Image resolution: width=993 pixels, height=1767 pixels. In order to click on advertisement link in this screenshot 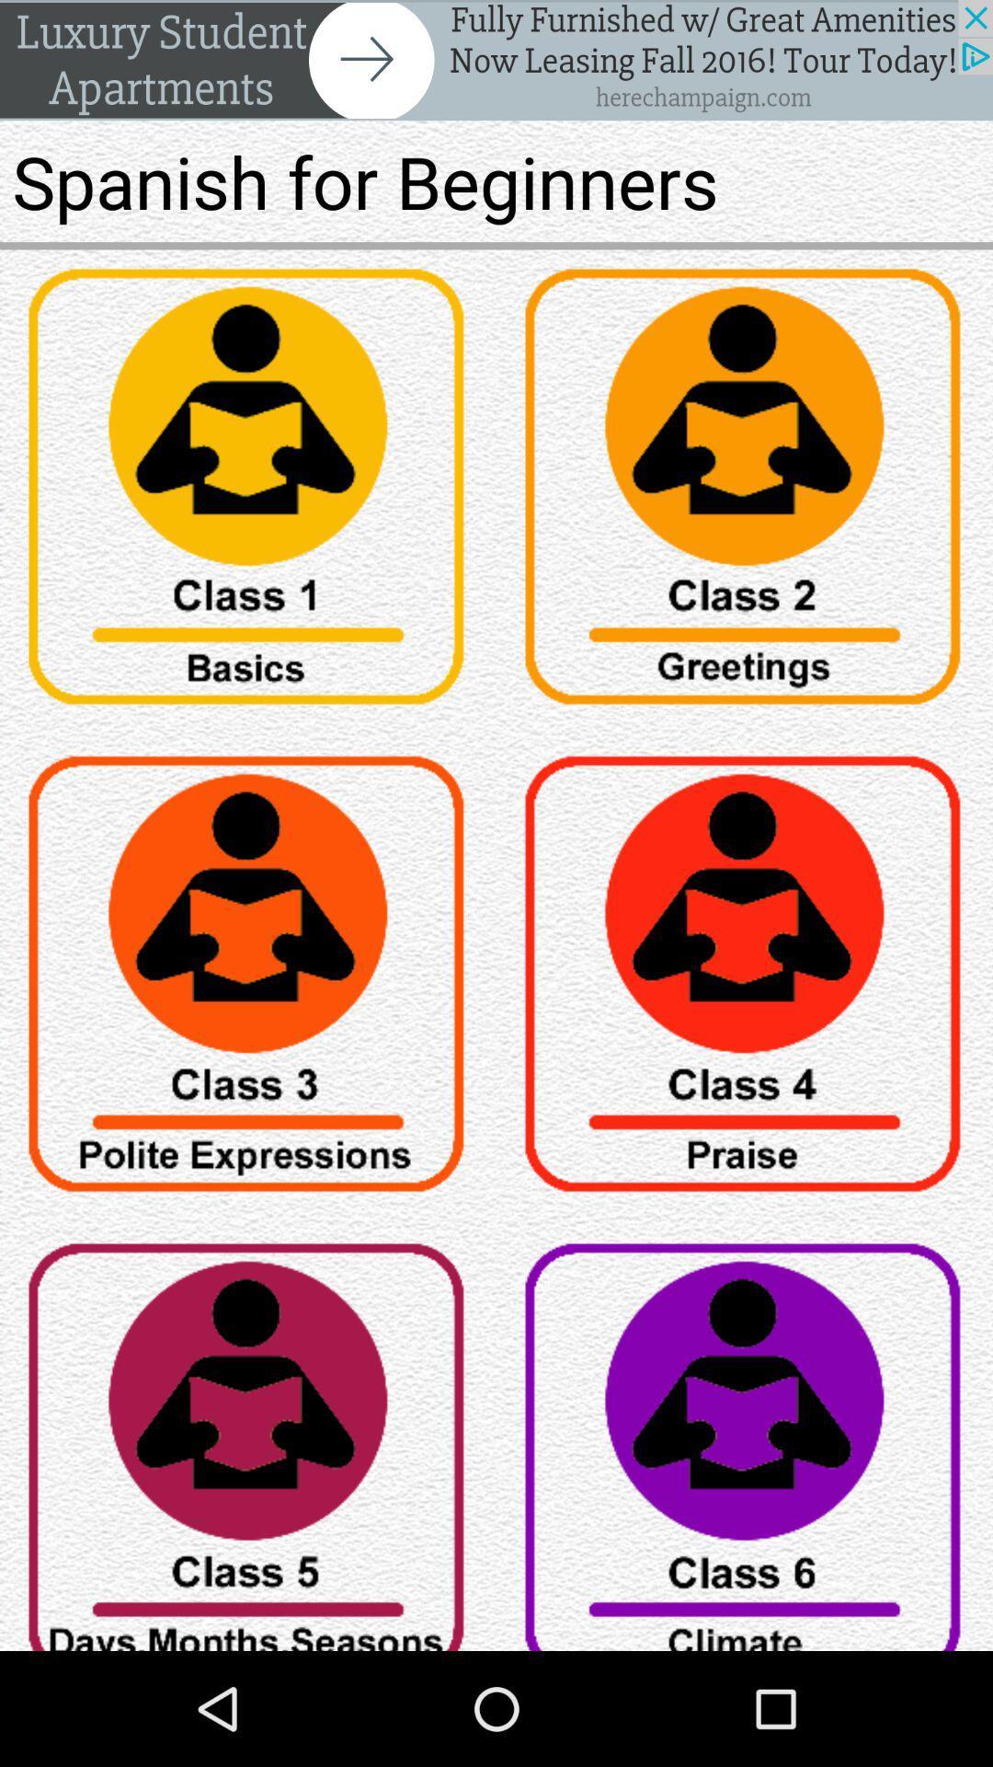, I will do `click(496, 60)`.